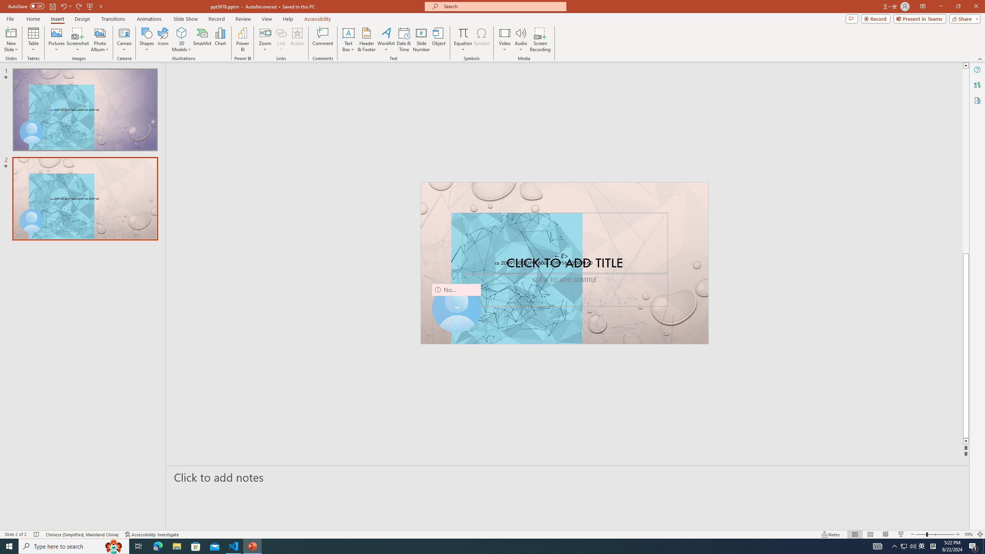 This screenshot has width=985, height=554. I want to click on 'New Photo Album...', so click(99, 32).